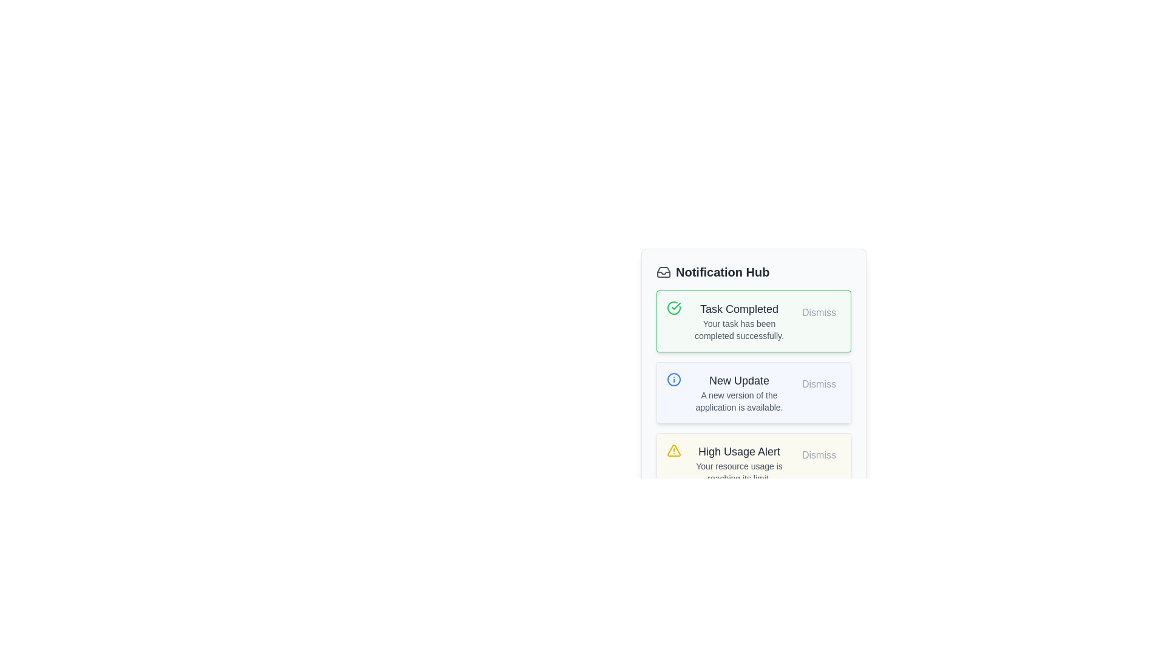 The width and height of the screenshot is (1165, 655). Describe the element at coordinates (663, 271) in the screenshot. I see `the second icon fragment within the 'Notification Hub' header section, which visually represents a mailbox or notification inbox` at that location.